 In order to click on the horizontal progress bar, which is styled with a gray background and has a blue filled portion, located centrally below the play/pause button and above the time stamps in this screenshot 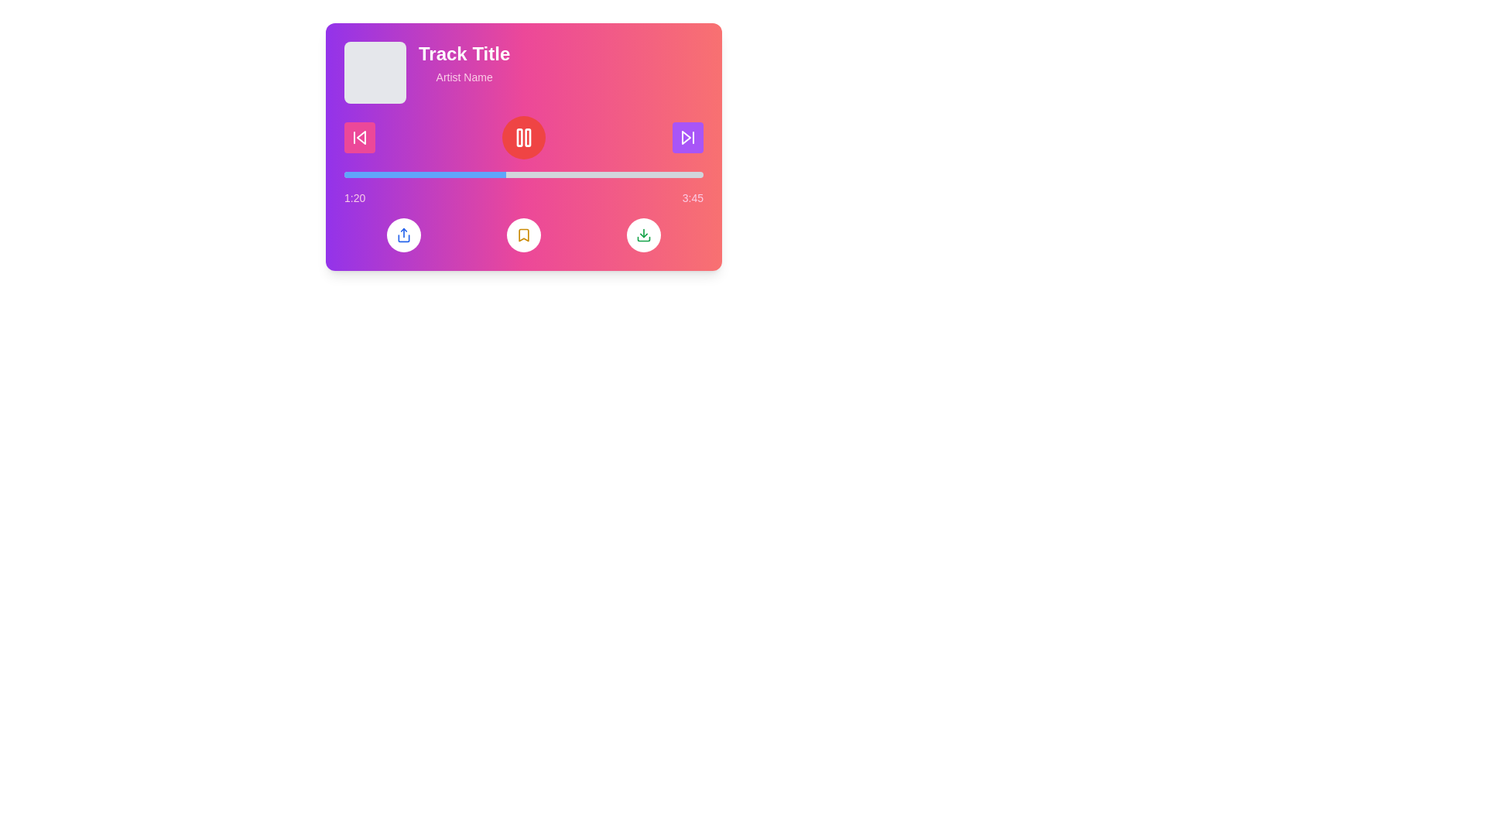, I will do `click(523, 174)`.